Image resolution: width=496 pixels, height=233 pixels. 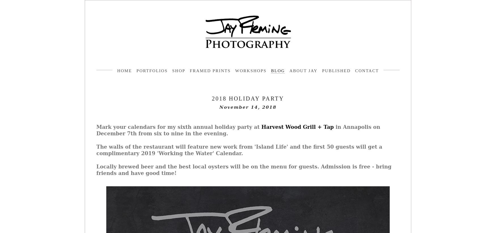 What do you see at coordinates (96, 127) in the screenshot?
I see `'Mark your calendars for my sixth annual holiday party at'` at bounding box center [96, 127].